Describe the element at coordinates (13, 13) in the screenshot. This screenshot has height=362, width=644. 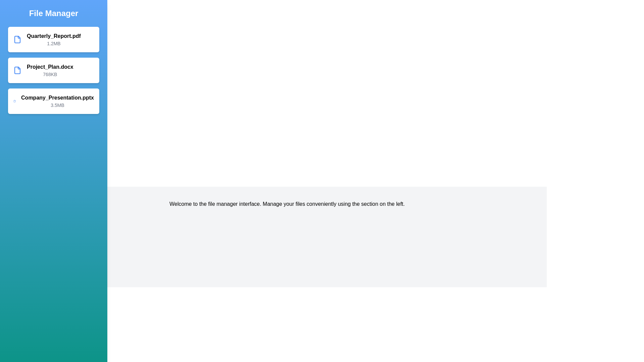
I see `toggle button to change the drawer's visibility` at that location.